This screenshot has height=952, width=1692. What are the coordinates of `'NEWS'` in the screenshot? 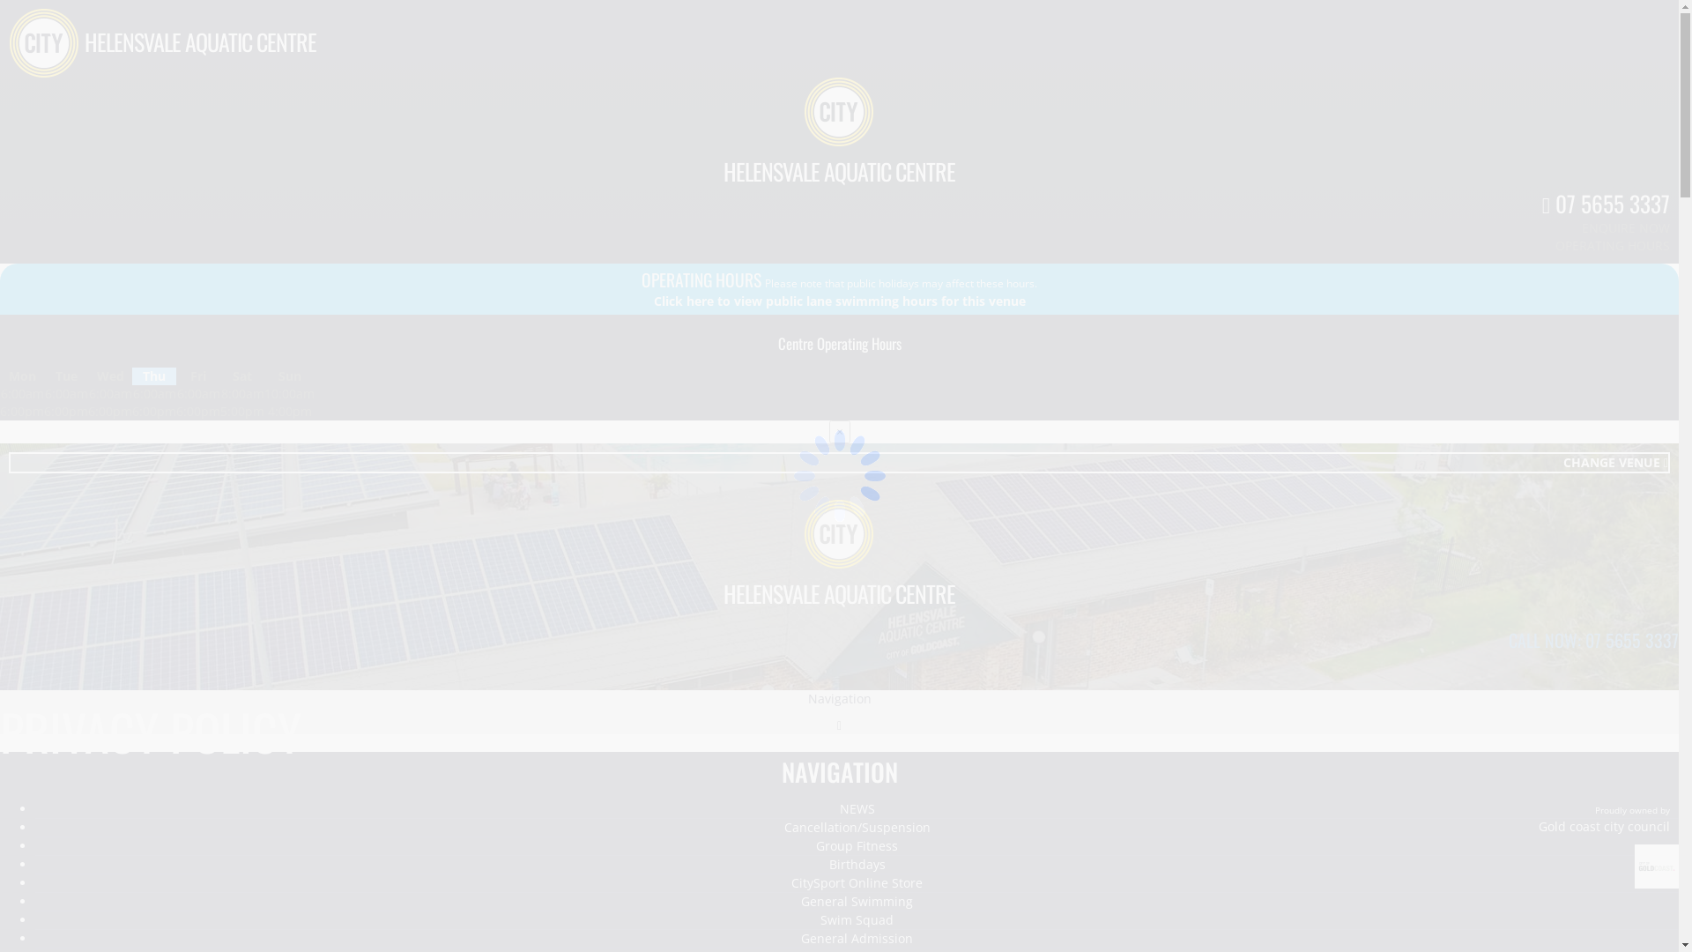 It's located at (856, 808).